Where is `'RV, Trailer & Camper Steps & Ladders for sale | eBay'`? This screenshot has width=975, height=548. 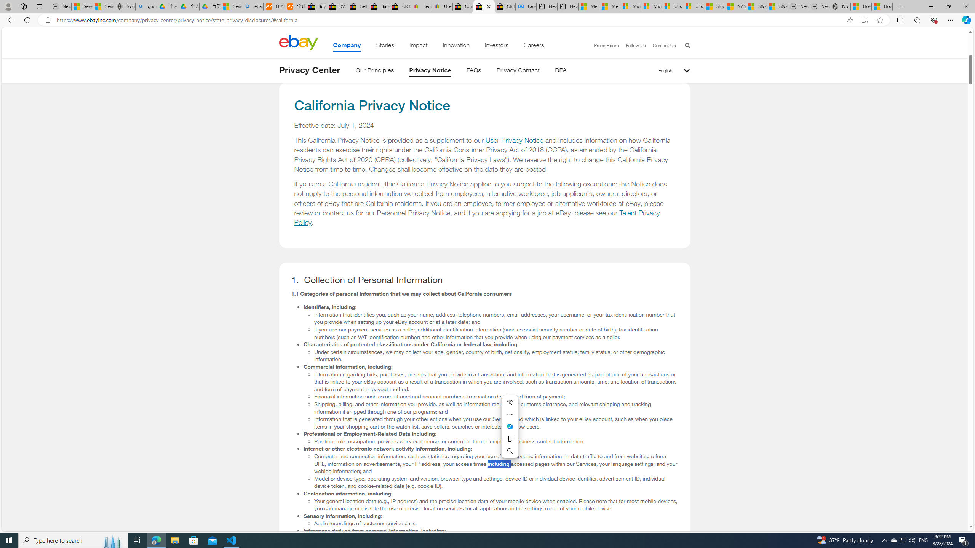 'RV, Trailer & Camper Steps & Ladders for sale | eBay' is located at coordinates (337, 6).